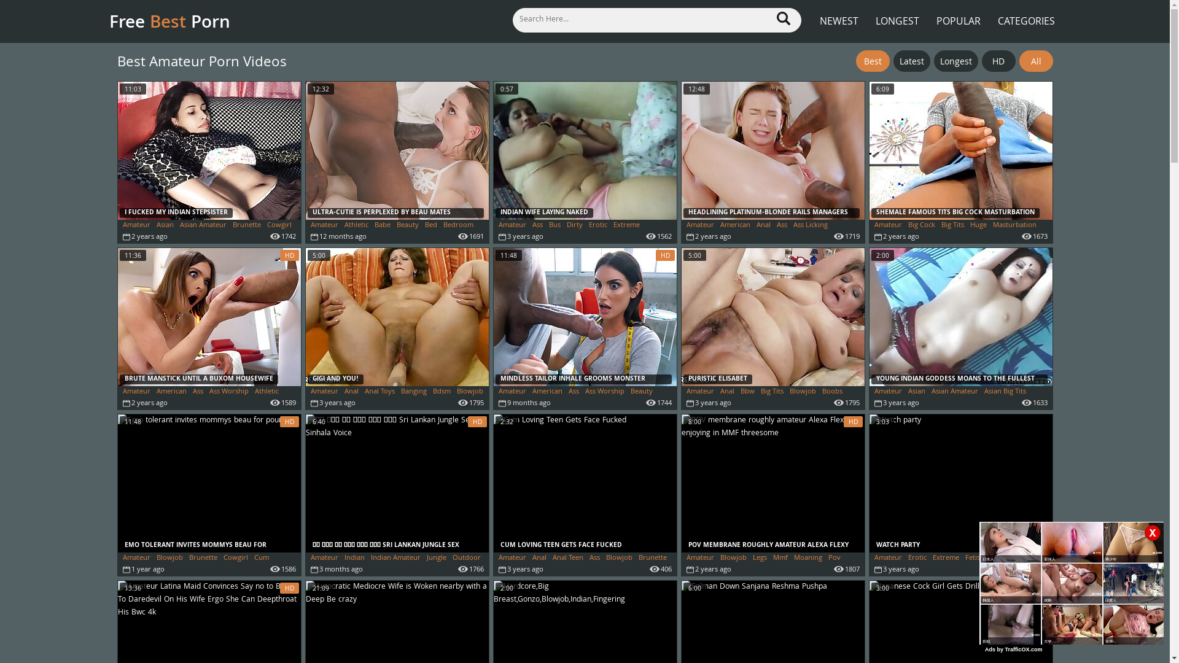 The width and height of the screenshot is (1179, 663). Describe the element at coordinates (888, 392) in the screenshot. I see `'Amateur'` at that location.